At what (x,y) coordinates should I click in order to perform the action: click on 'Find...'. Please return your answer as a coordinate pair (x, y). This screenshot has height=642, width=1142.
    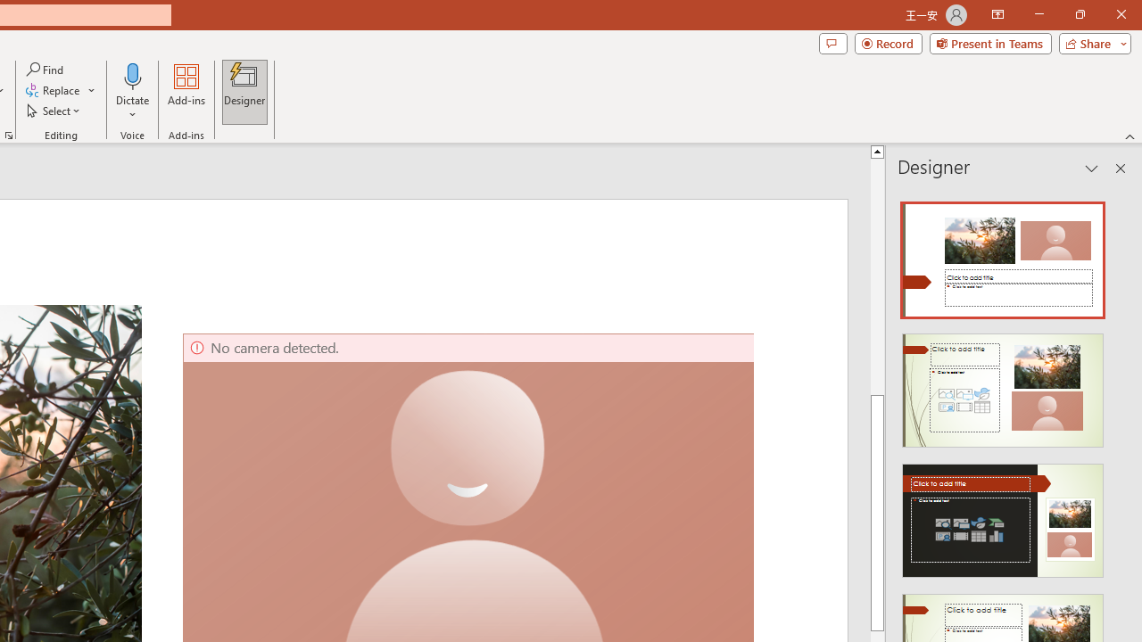
    Looking at the image, I should click on (46, 69).